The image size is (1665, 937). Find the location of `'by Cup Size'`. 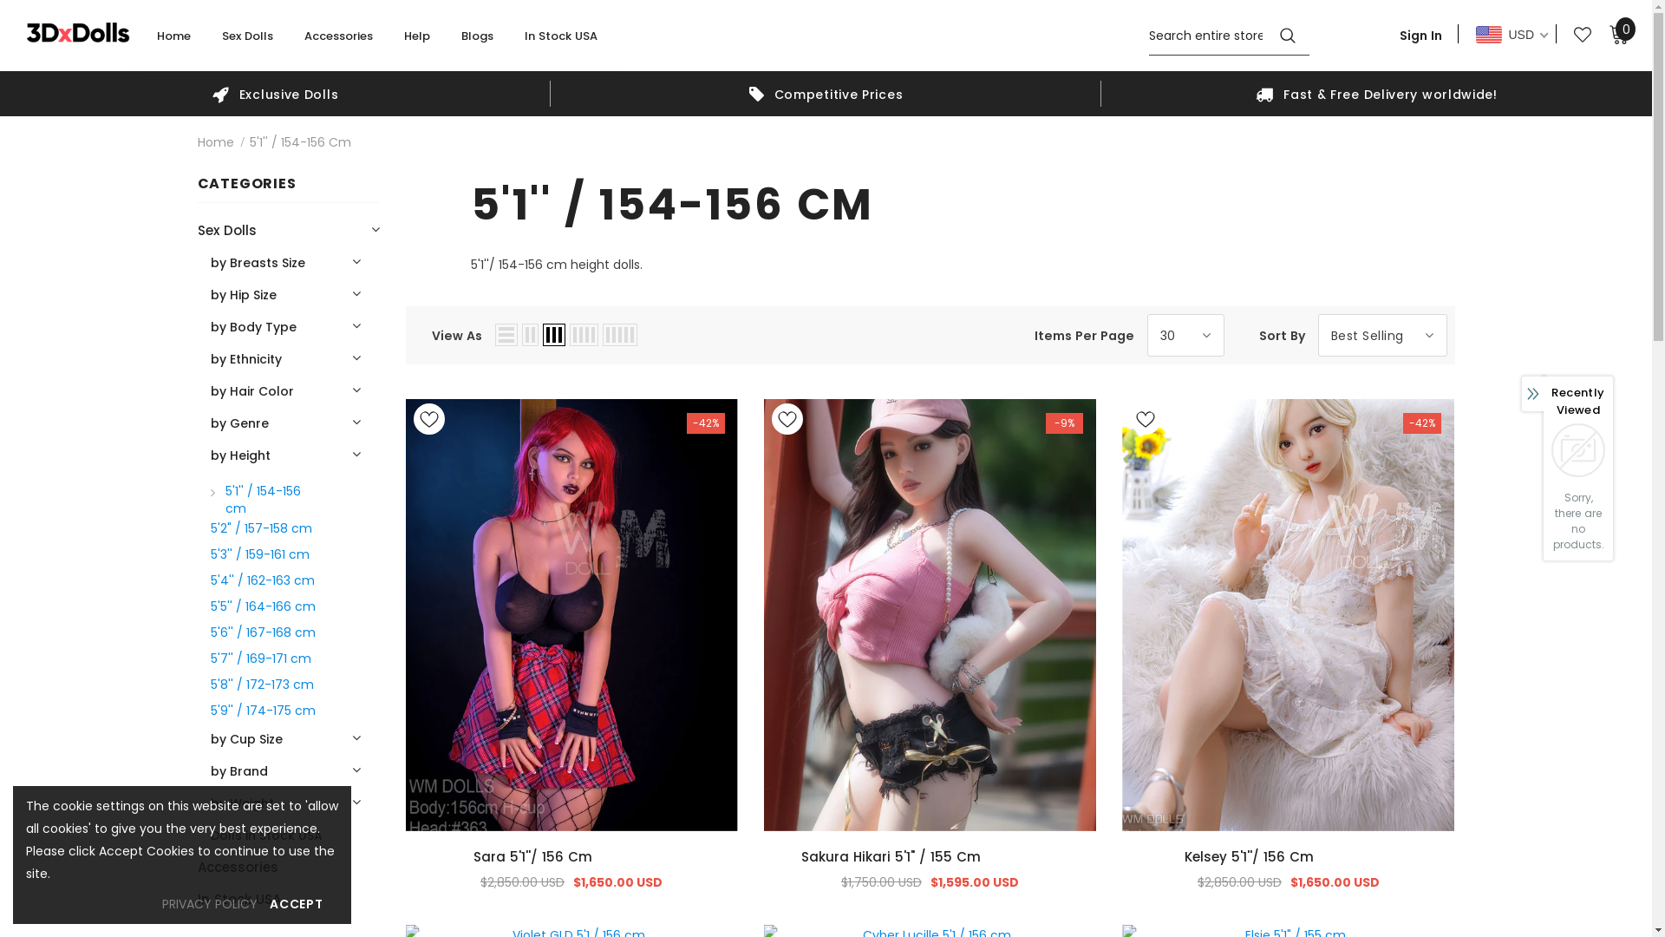

'by Cup Size' is located at coordinates (245, 738).